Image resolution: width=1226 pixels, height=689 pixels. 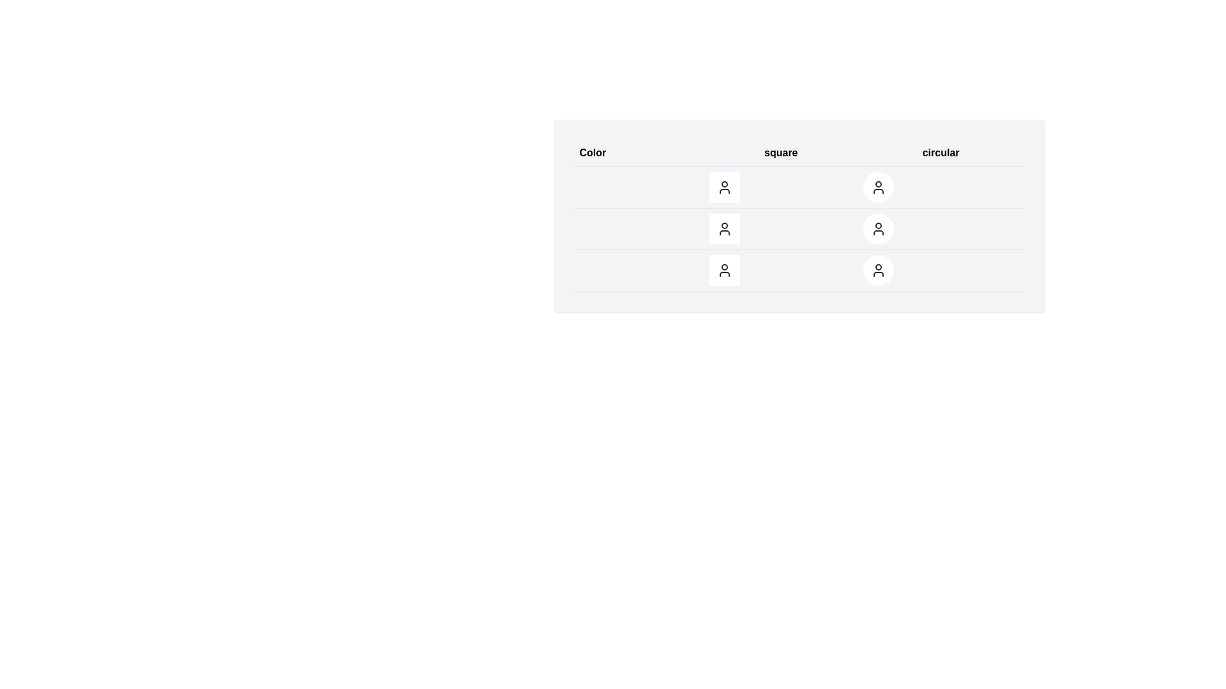 What do you see at coordinates (724, 228) in the screenshot?
I see `the square icon with a white background and black user silhouette located in the second row and second column of the grid layout` at bounding box center [724, 228].